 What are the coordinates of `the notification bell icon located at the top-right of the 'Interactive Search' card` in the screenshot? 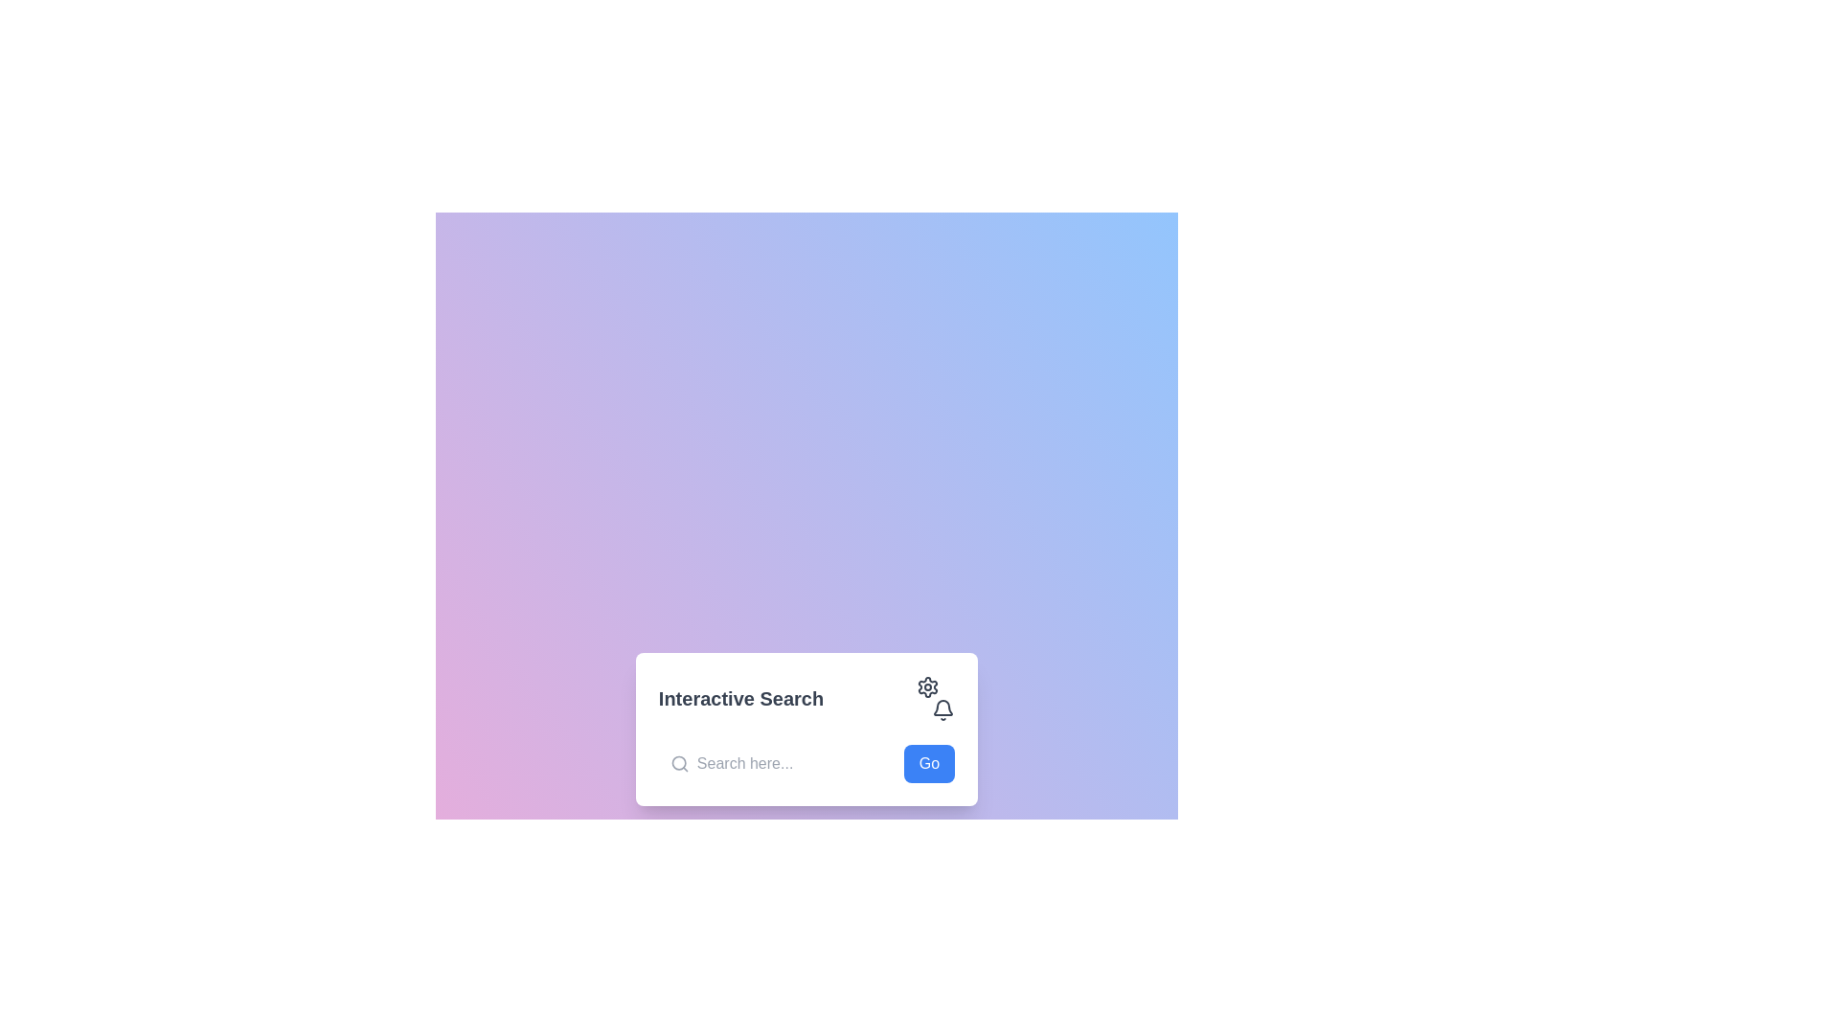 It's located at (943, 709).